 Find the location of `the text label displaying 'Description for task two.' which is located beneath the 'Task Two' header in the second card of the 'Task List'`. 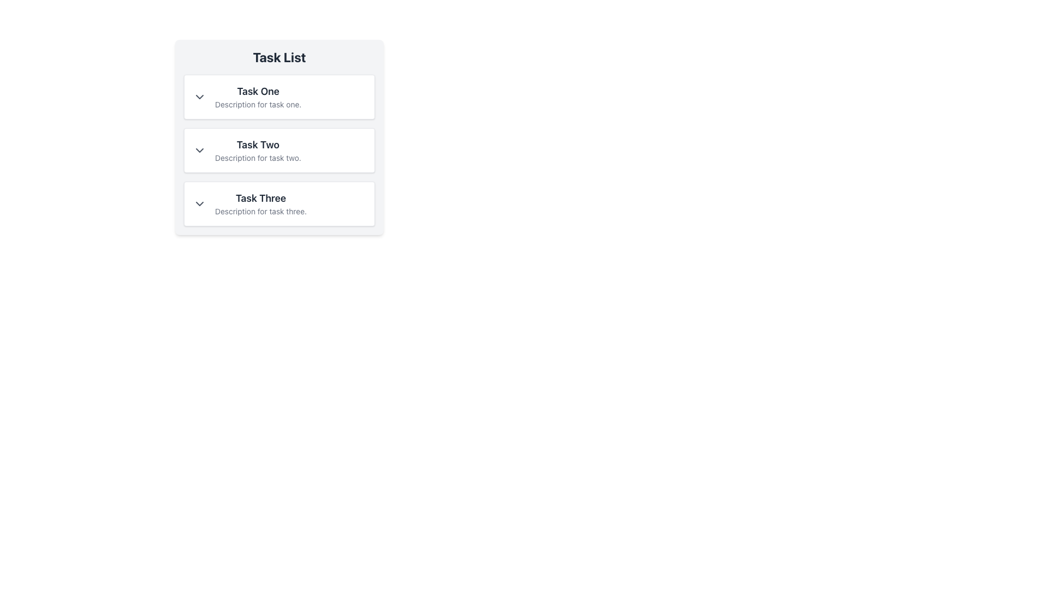

the text label displaying 'Description for task two.' which is located beneath the 'Task Two' header in the second card of the 'Task List' is located at coordinates (257, 158).